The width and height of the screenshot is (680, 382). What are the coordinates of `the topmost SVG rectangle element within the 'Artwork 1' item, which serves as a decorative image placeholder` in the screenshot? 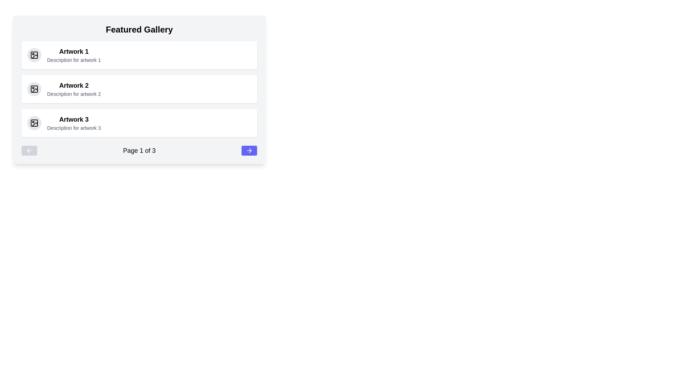 It's located at (34, 54).